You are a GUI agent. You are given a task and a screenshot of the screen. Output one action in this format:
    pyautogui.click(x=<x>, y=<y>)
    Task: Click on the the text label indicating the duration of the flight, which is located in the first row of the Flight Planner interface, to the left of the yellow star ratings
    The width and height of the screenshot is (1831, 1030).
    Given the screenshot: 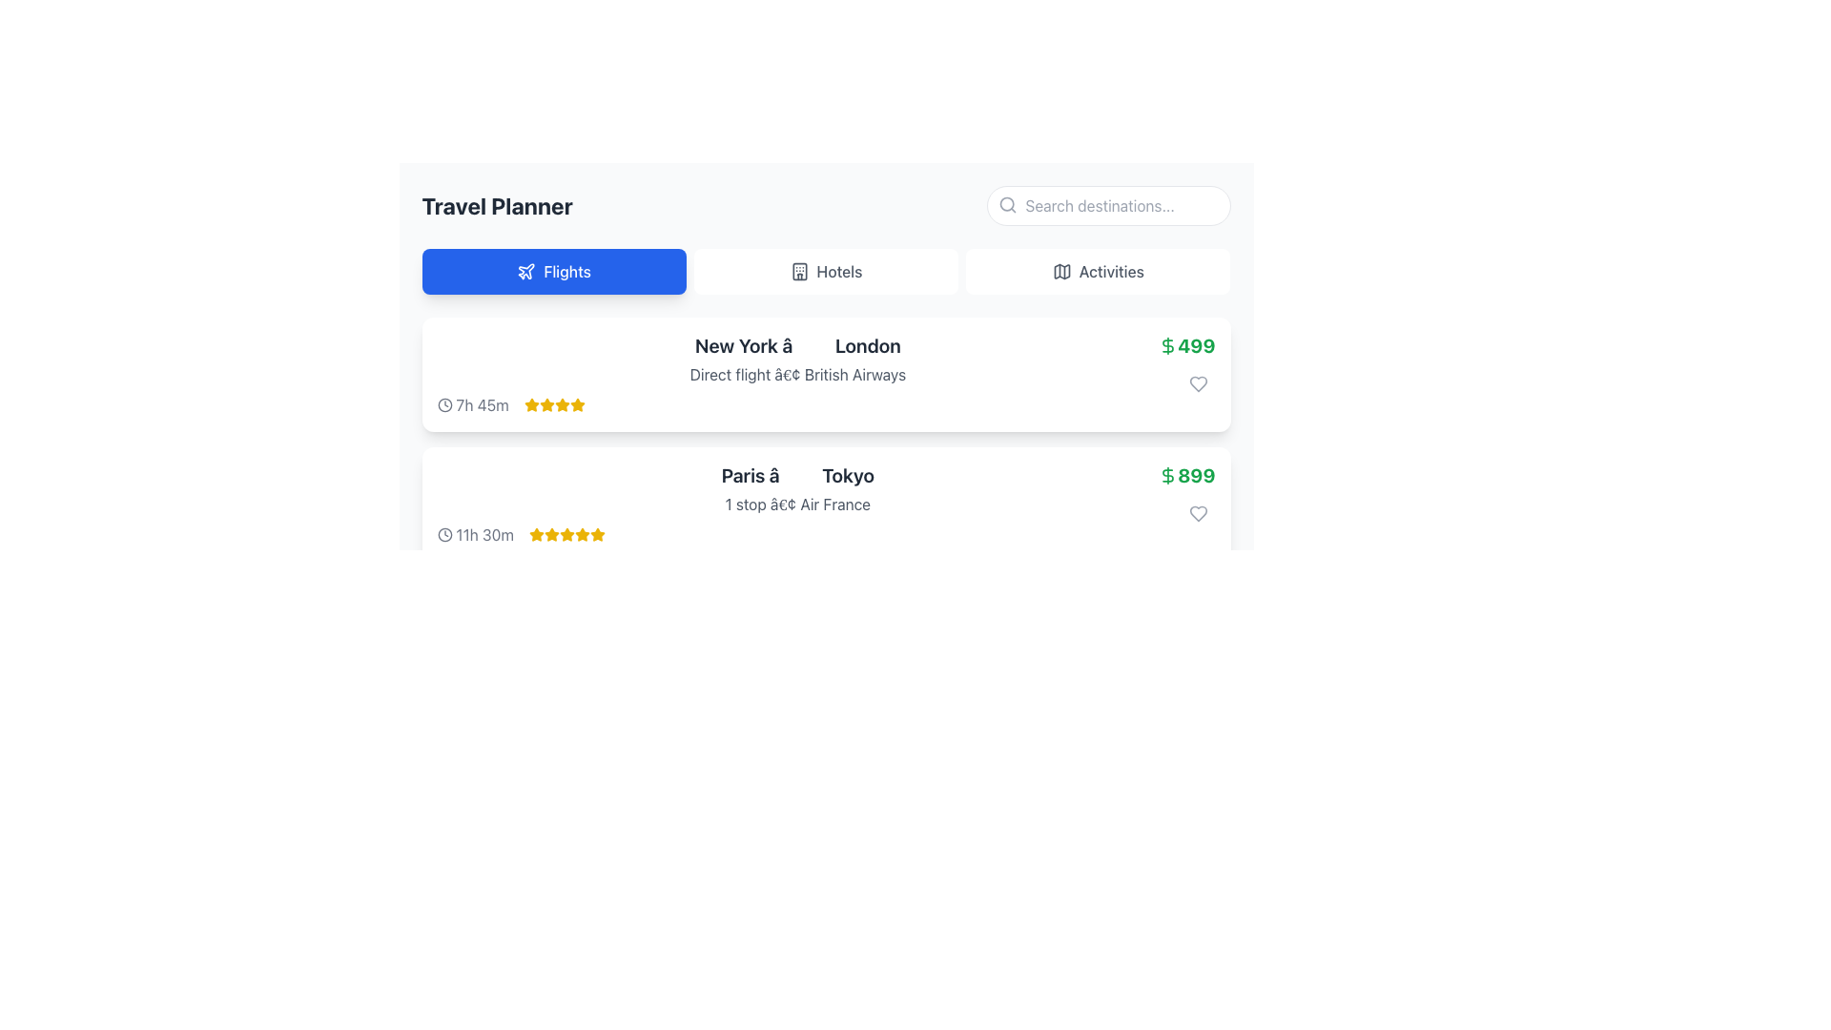 What is the action you would take?
    pyautogui.click(x=473, y=403)
    